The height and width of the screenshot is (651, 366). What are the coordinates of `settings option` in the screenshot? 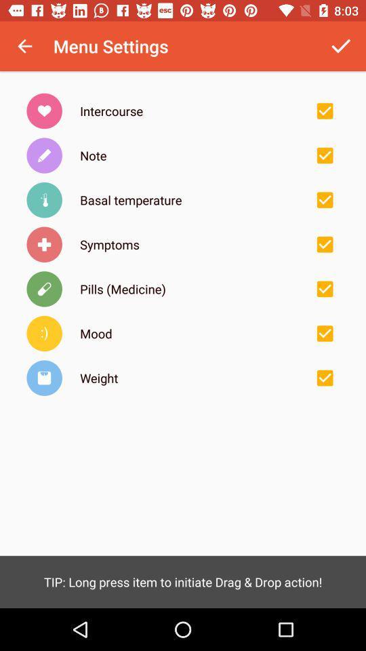 It's located at (324, 110).